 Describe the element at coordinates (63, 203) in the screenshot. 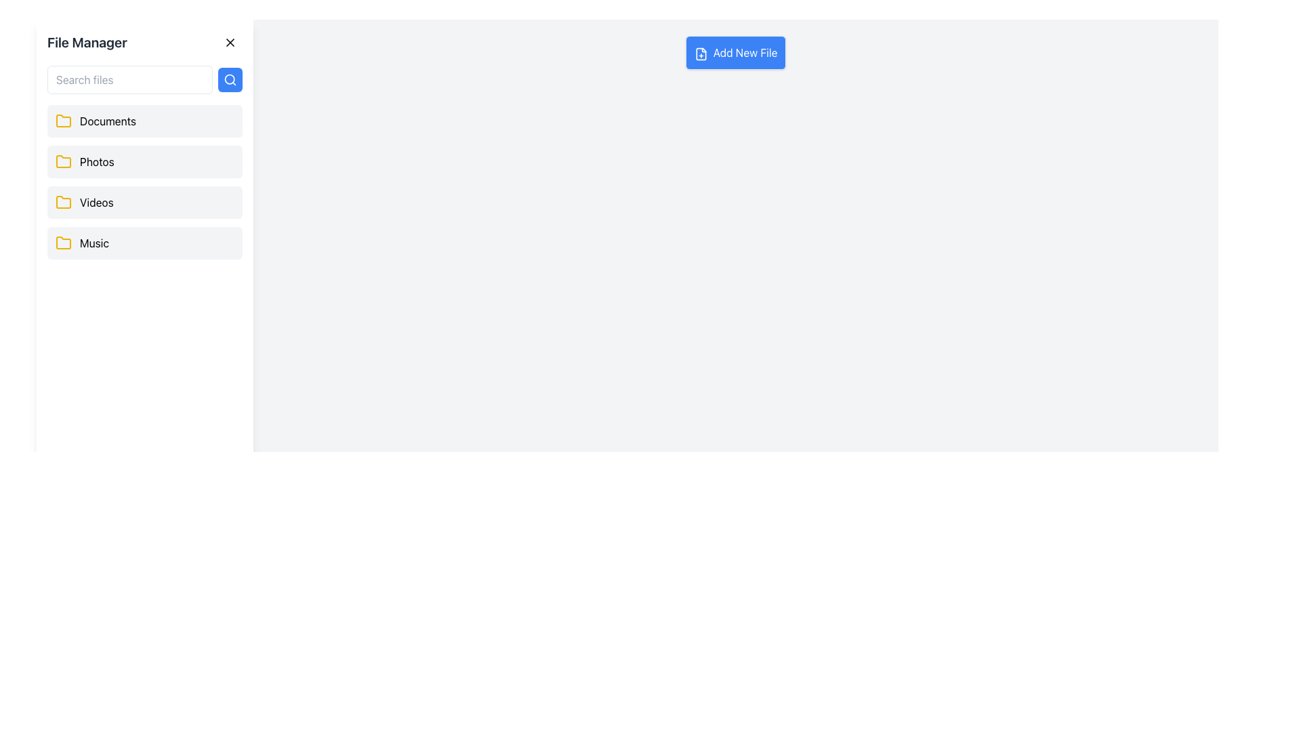

I see `the 'Videos' folder icon` at that location.